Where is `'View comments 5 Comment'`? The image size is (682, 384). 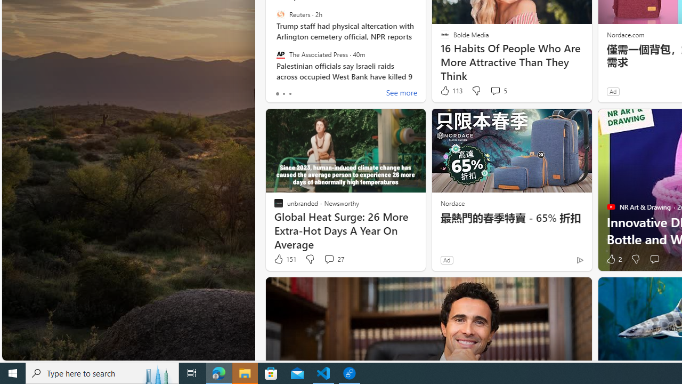
'View comments 5 Comment' is located at coordinates (498, 90).